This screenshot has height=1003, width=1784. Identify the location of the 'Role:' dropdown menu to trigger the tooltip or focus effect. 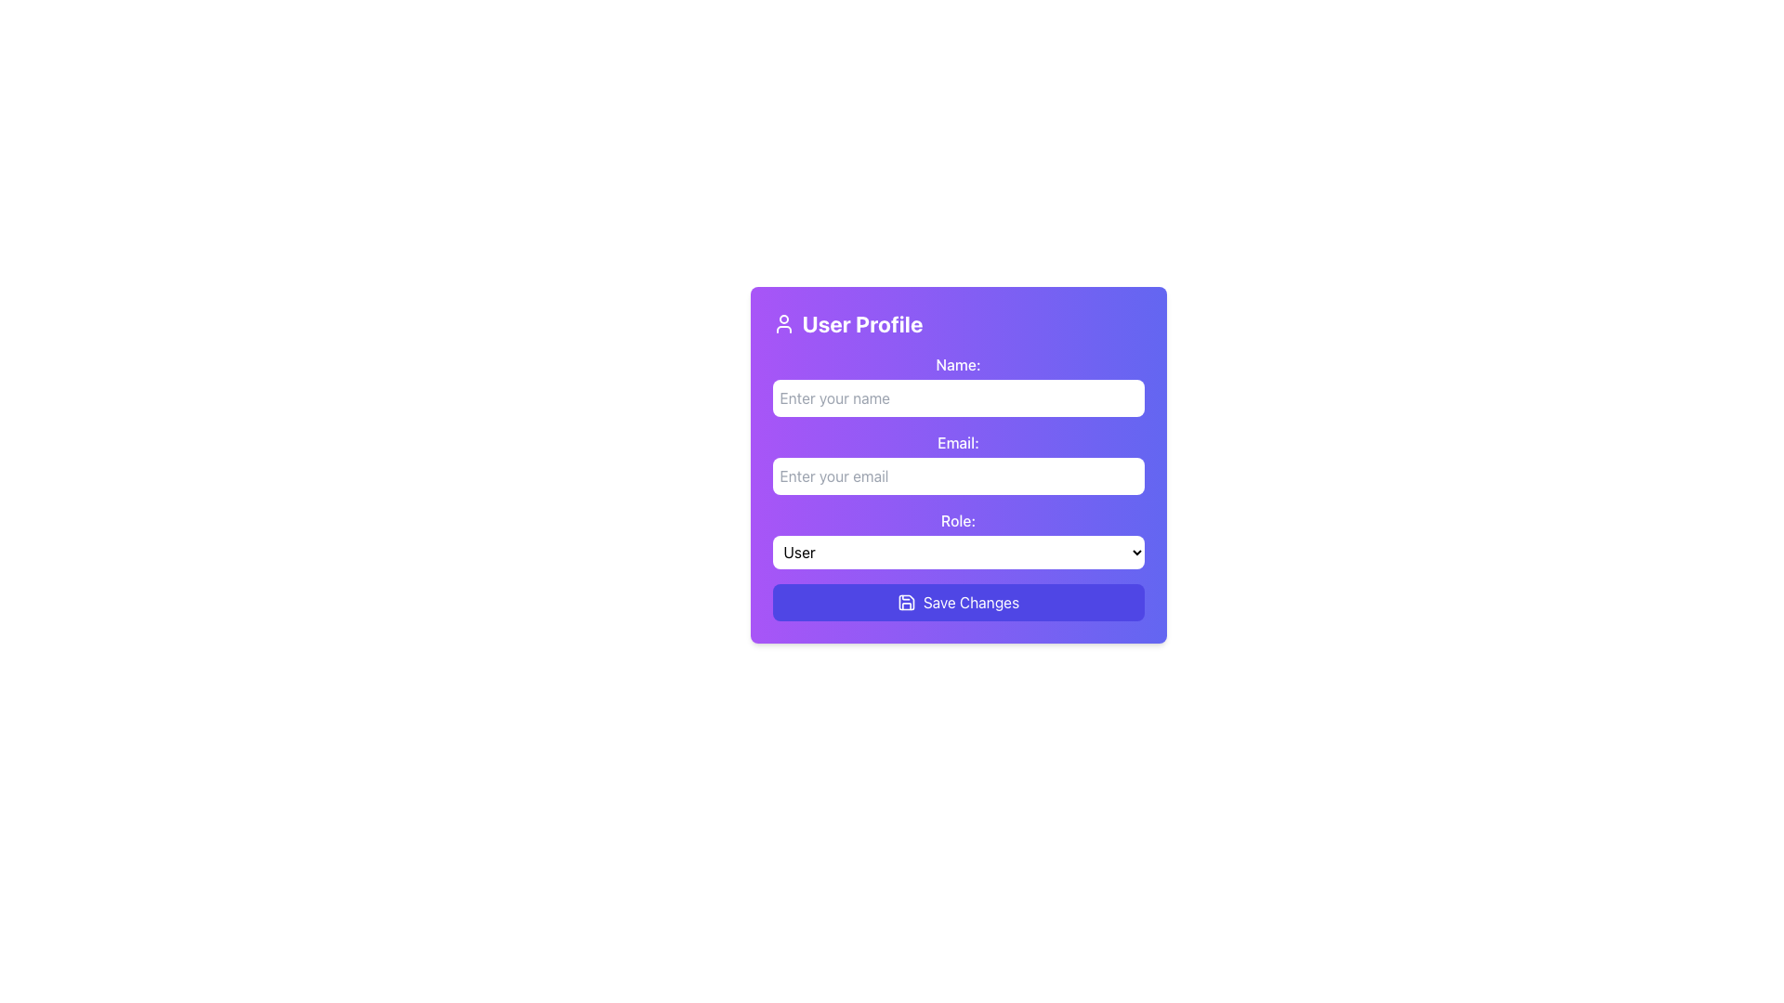
(958, 540).